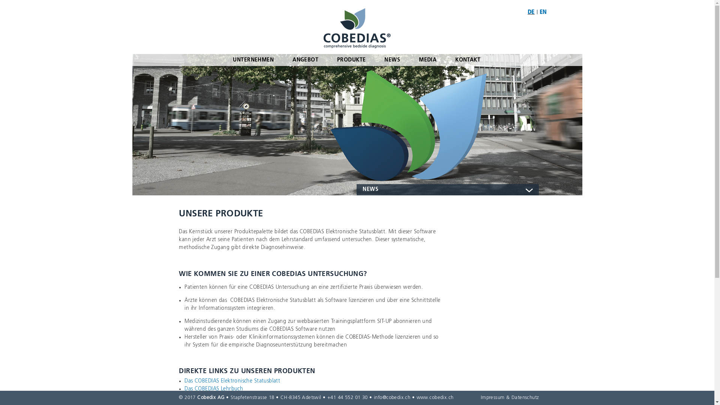 This screenshot has height=405, width=720. I want to click on 'Impressum & Datenschutz', so click(510, 397).